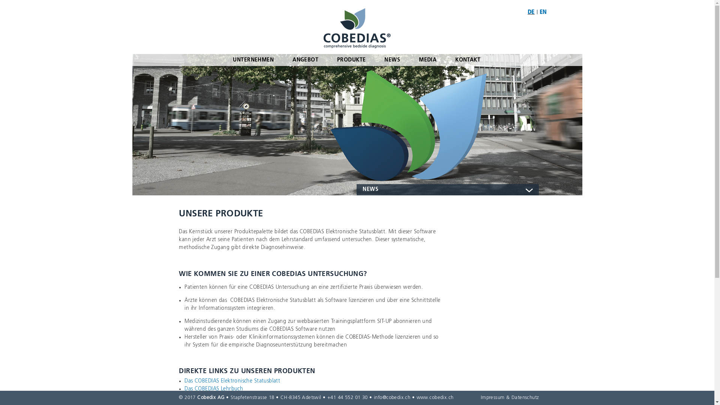 This screenshot has height=405, width=720. I want to click on 'Impressum & Datenschutz', so click(510, 397).